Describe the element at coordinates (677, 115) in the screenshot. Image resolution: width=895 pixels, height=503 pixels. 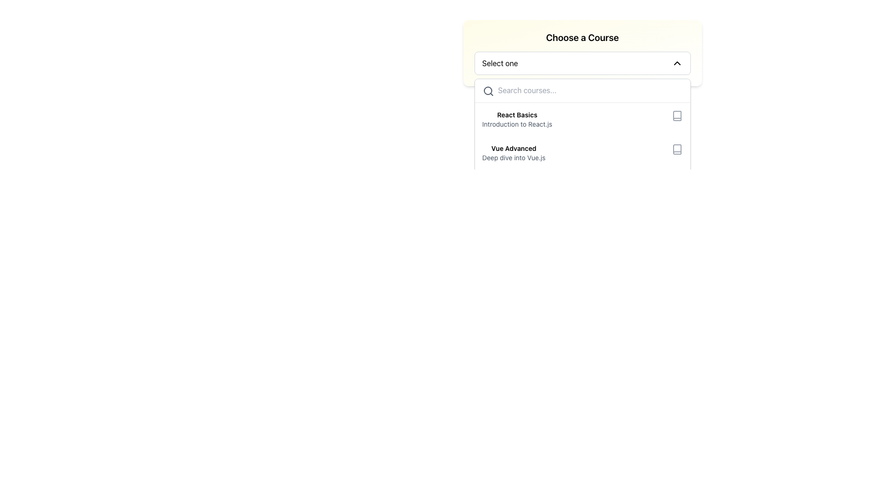
I see `the decorative icon located in the dropdown list, adjacent to the text labeled 'React Basics'` at that location.